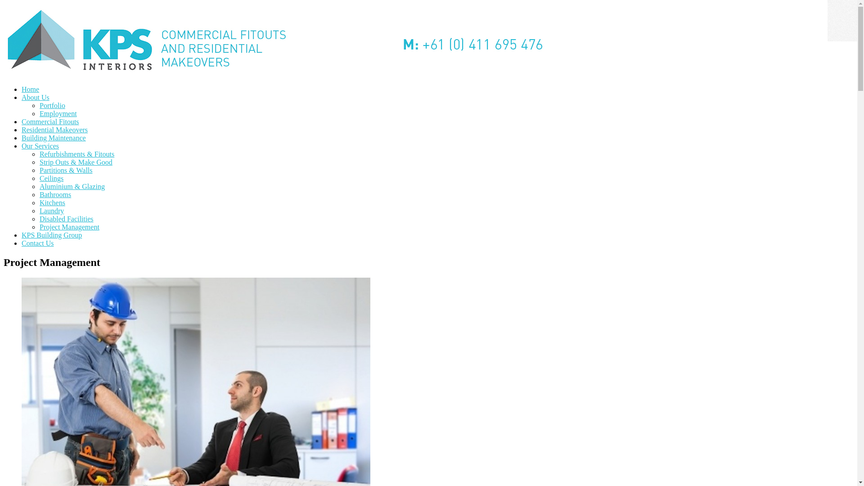 The image size is (864, 486). What do you see at coordinates (66, 219) in the screenshot?
I see `'Disabled Facilities'` at bounding box center [66, 219].